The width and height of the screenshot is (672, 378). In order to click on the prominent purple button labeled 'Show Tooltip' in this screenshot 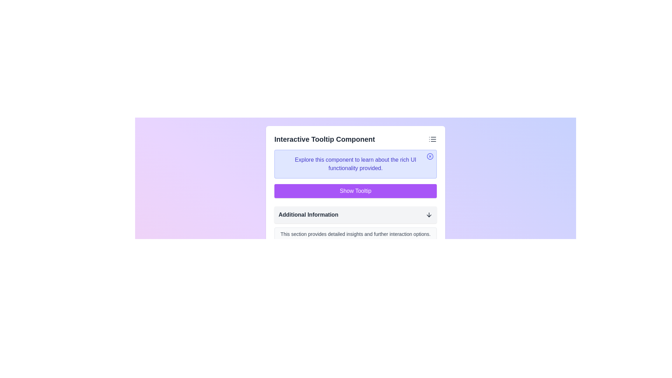, I will do `click(356, 191)`.